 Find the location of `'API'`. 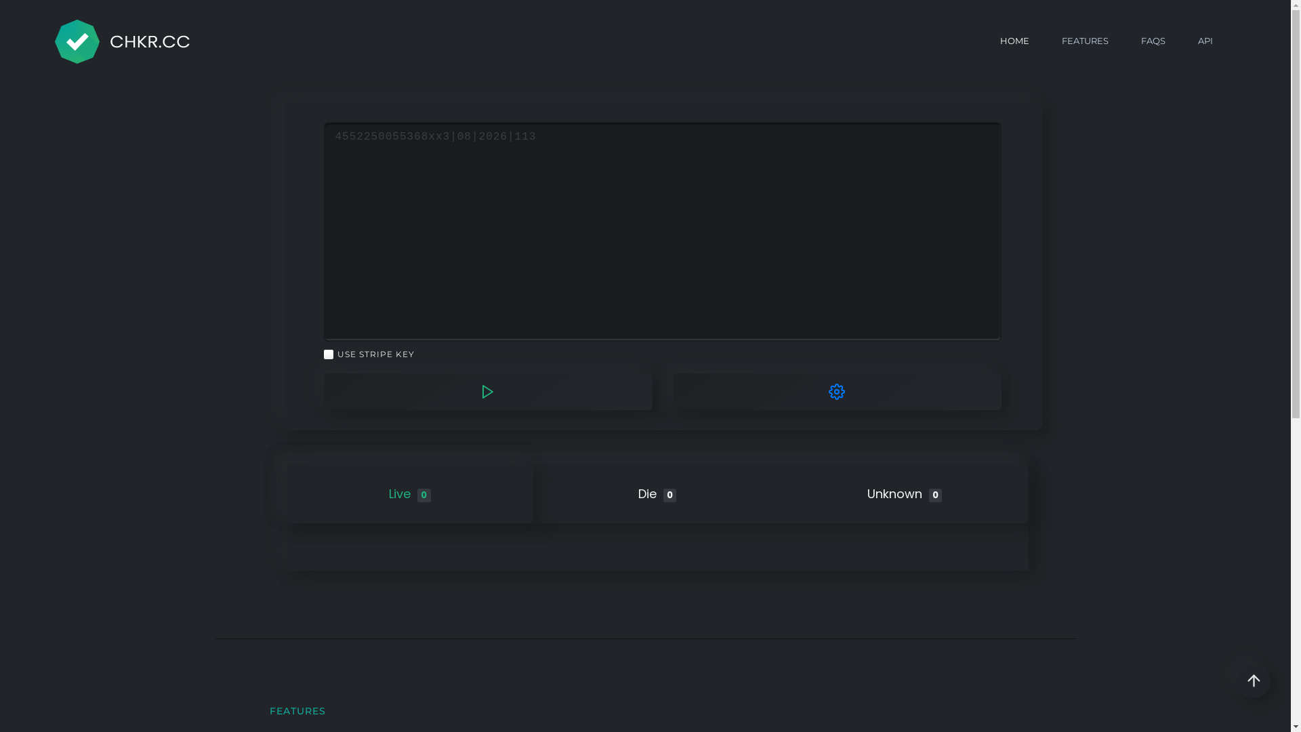

'API' is located at coordinates (1205, 41).